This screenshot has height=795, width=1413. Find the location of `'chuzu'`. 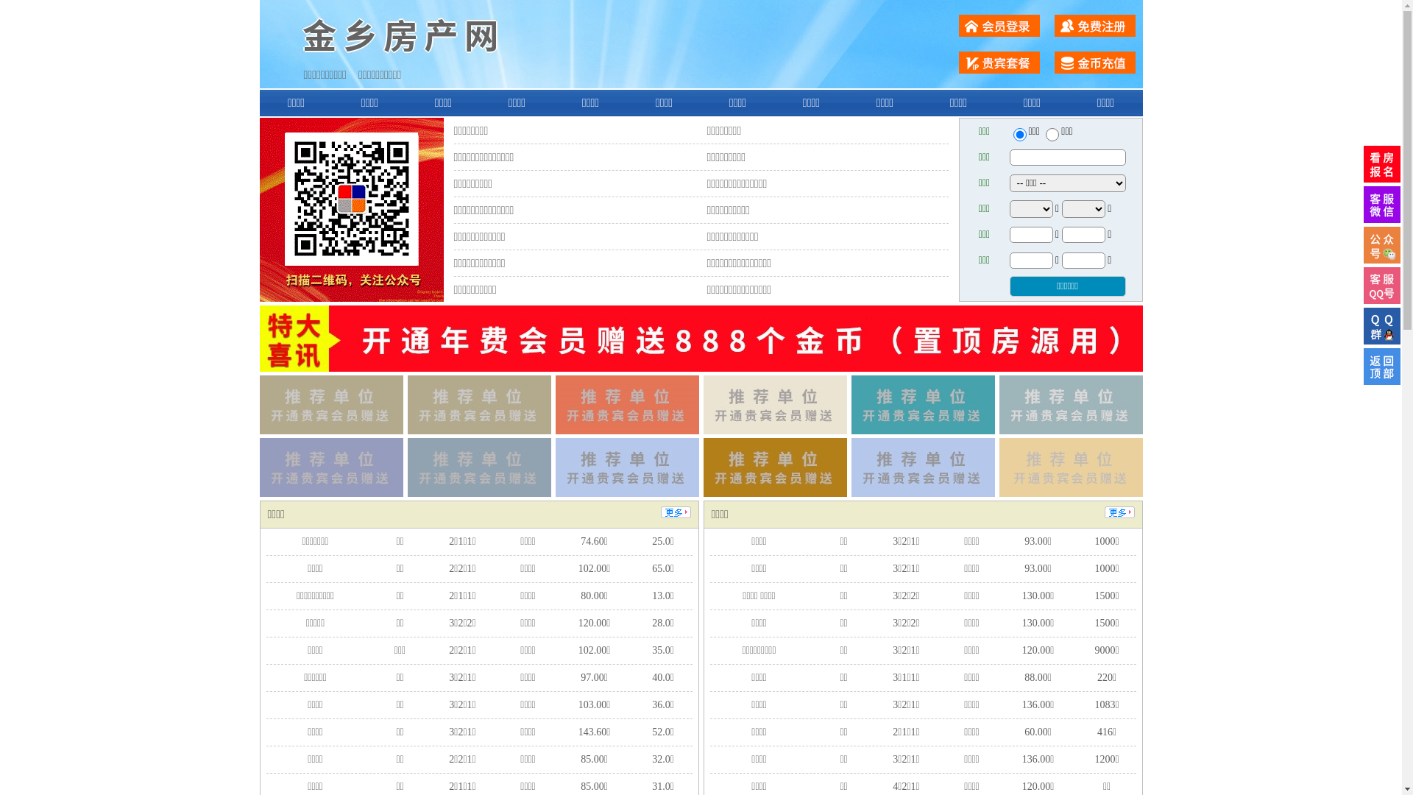

'chuzu' is located at coordinates (1052, 134).